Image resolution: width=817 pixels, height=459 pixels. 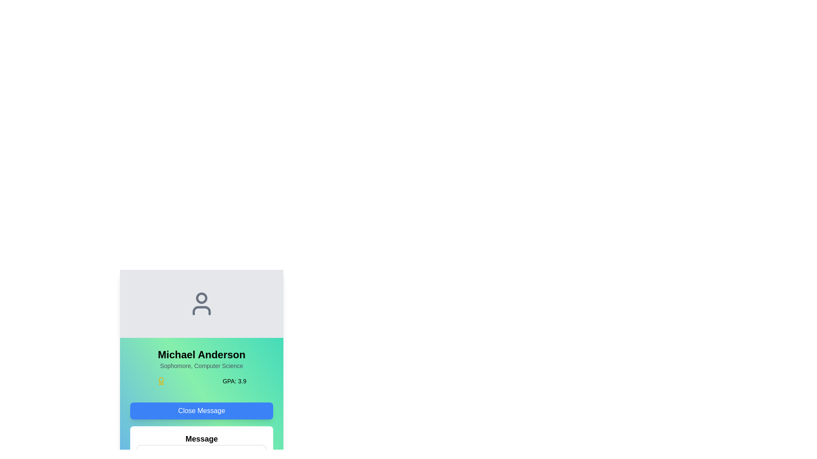 I want to click on the filled circle SVG element representing the user's profile icon, which is centrally aligned at the top of the user card interface, so click(x=201, y=297).